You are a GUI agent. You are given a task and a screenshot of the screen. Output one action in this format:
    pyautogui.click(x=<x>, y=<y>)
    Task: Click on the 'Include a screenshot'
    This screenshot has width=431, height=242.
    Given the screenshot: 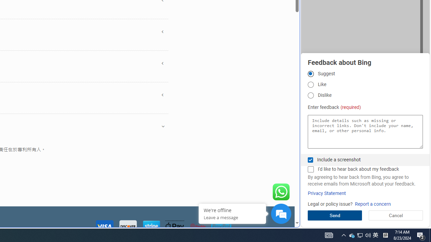 What is the action you would take?
    pyautogui.click(x=310, y=160)
    